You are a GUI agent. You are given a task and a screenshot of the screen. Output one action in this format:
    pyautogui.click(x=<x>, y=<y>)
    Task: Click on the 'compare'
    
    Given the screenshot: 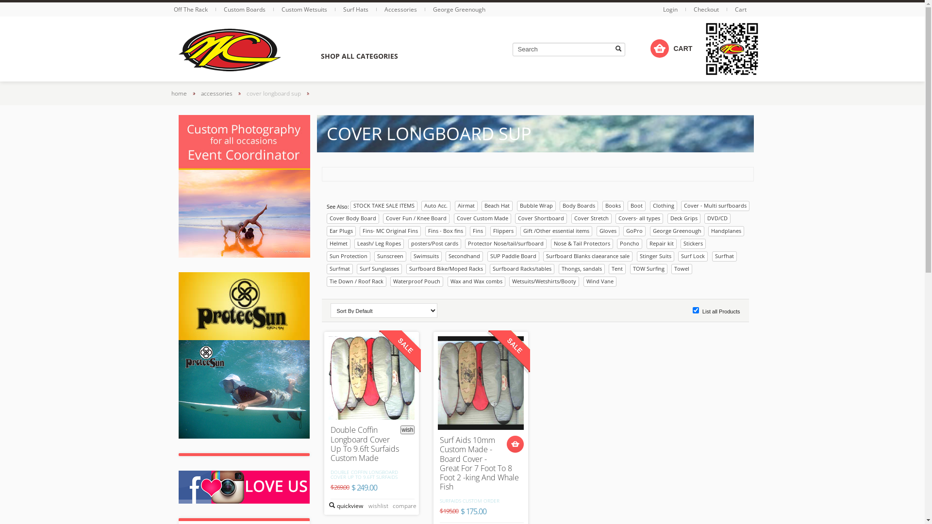 What is the action you would take?
    pyautogui.click(x=403, y=505)
    